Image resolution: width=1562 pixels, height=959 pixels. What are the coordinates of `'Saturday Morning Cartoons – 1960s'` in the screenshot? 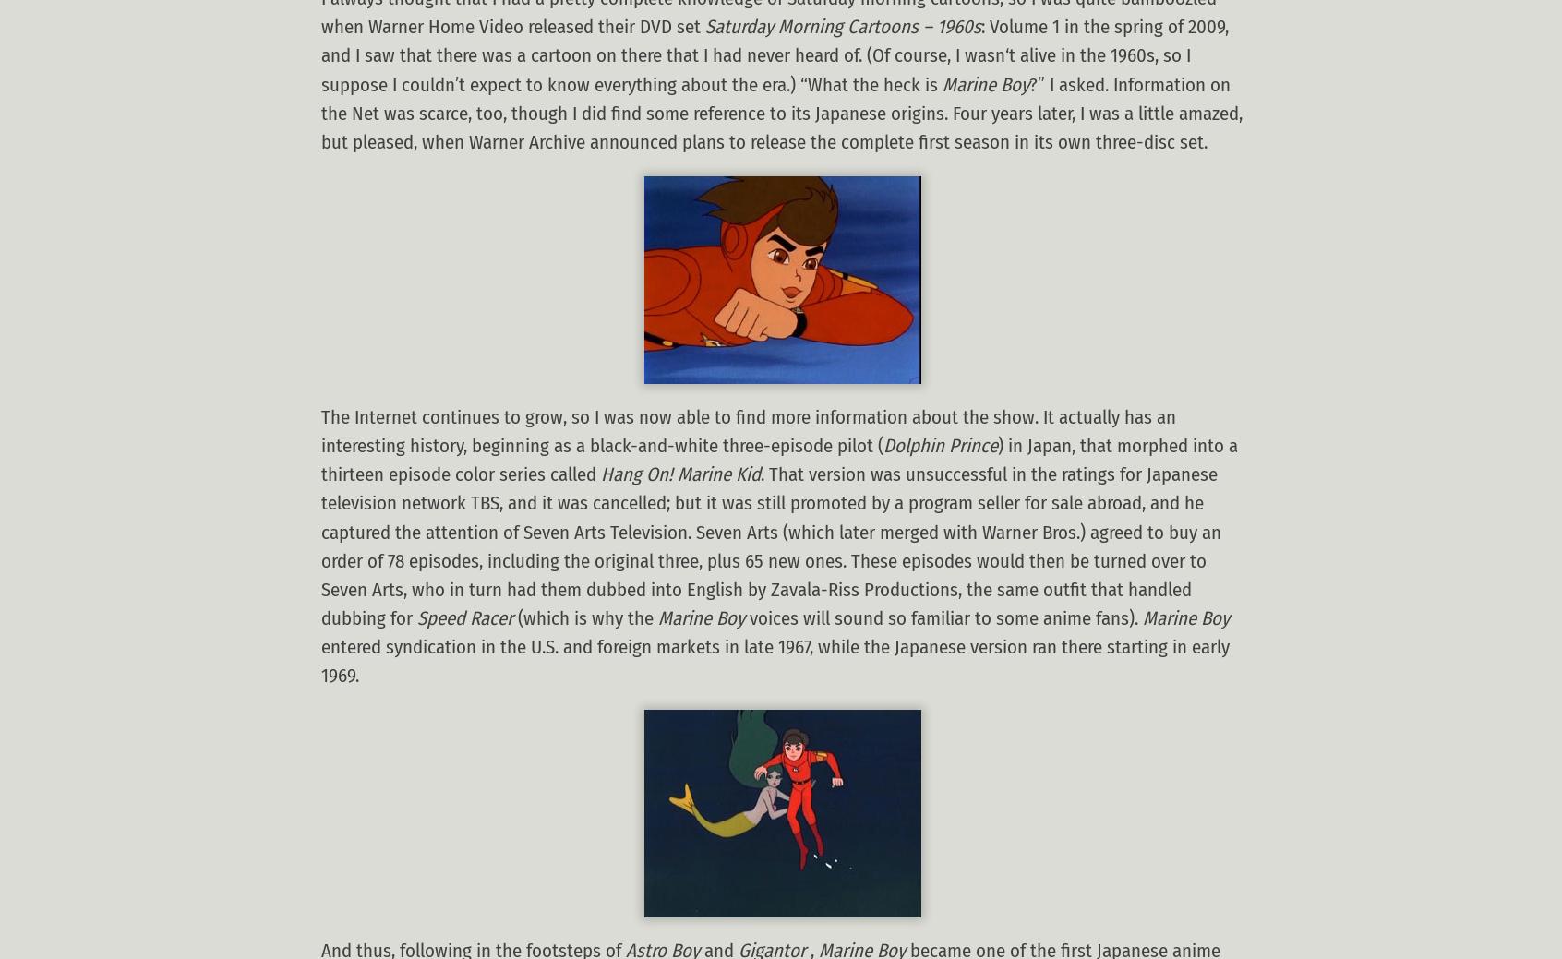 It's located at (842, 26).